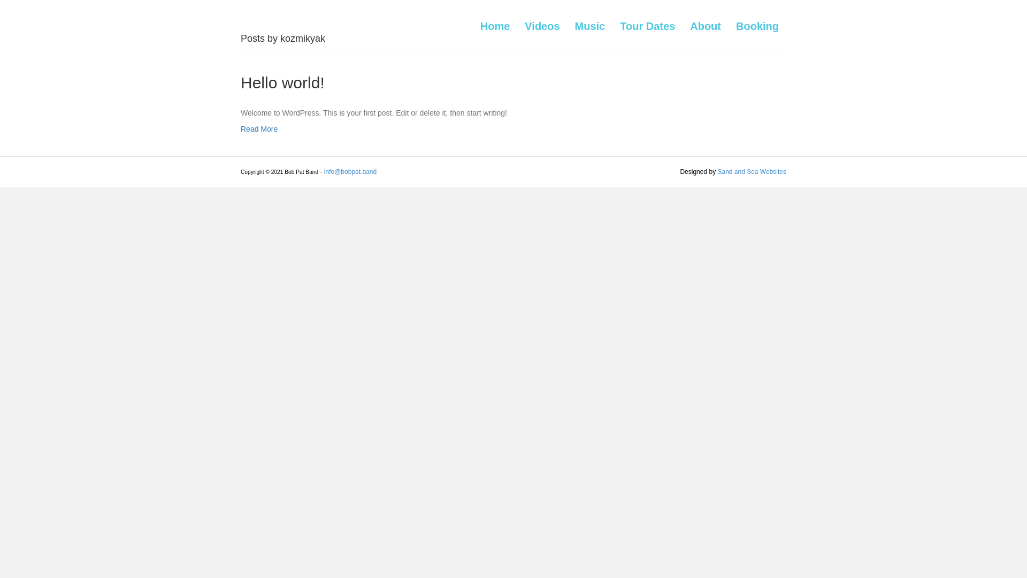  Describe the element at coordinates (757, 26) in the screenshot. I see `'Booking'` at that location.